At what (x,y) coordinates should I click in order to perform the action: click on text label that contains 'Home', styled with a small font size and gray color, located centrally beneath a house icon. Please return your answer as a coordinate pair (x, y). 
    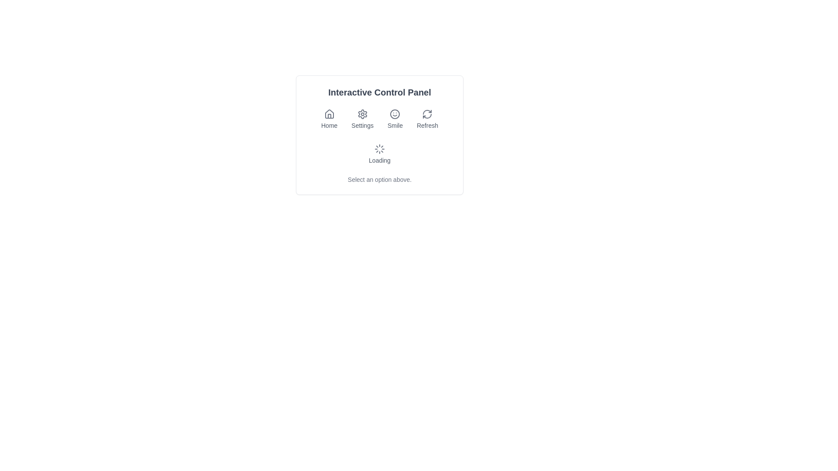
    Looking at the image, I should click on (329, 126).